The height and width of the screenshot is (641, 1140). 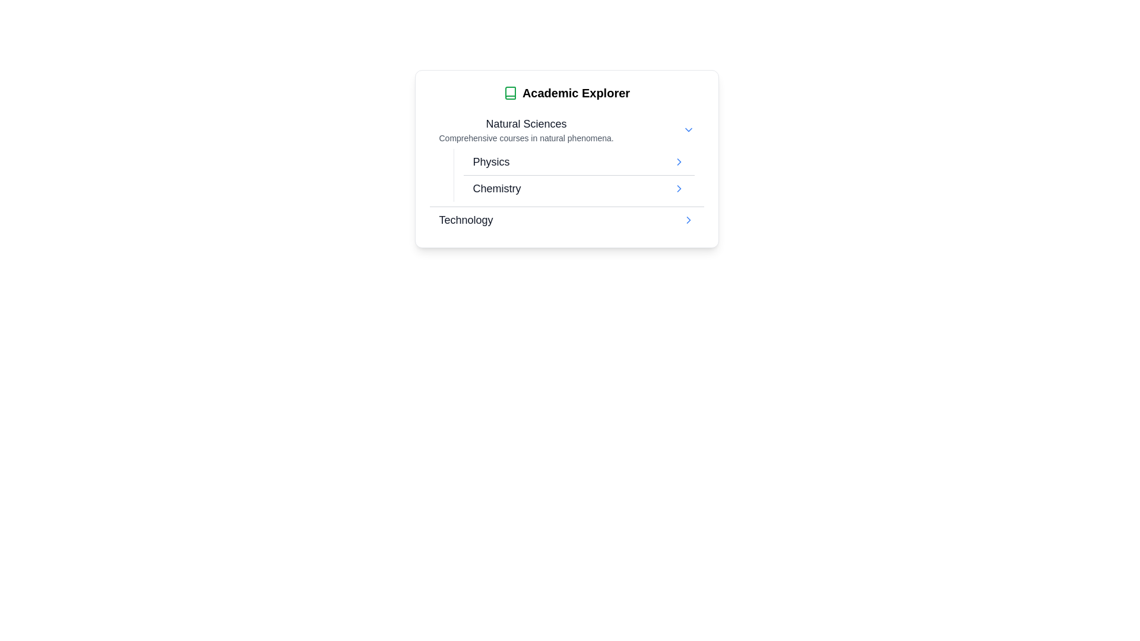 I want to click on the 'Physics' list item, which is the first entry under the 'Natural Sciences' category, so click(x=578, y=162).